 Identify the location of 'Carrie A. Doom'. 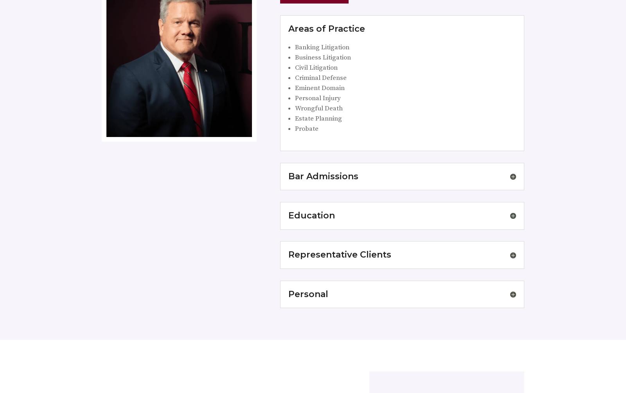
(150, 379).